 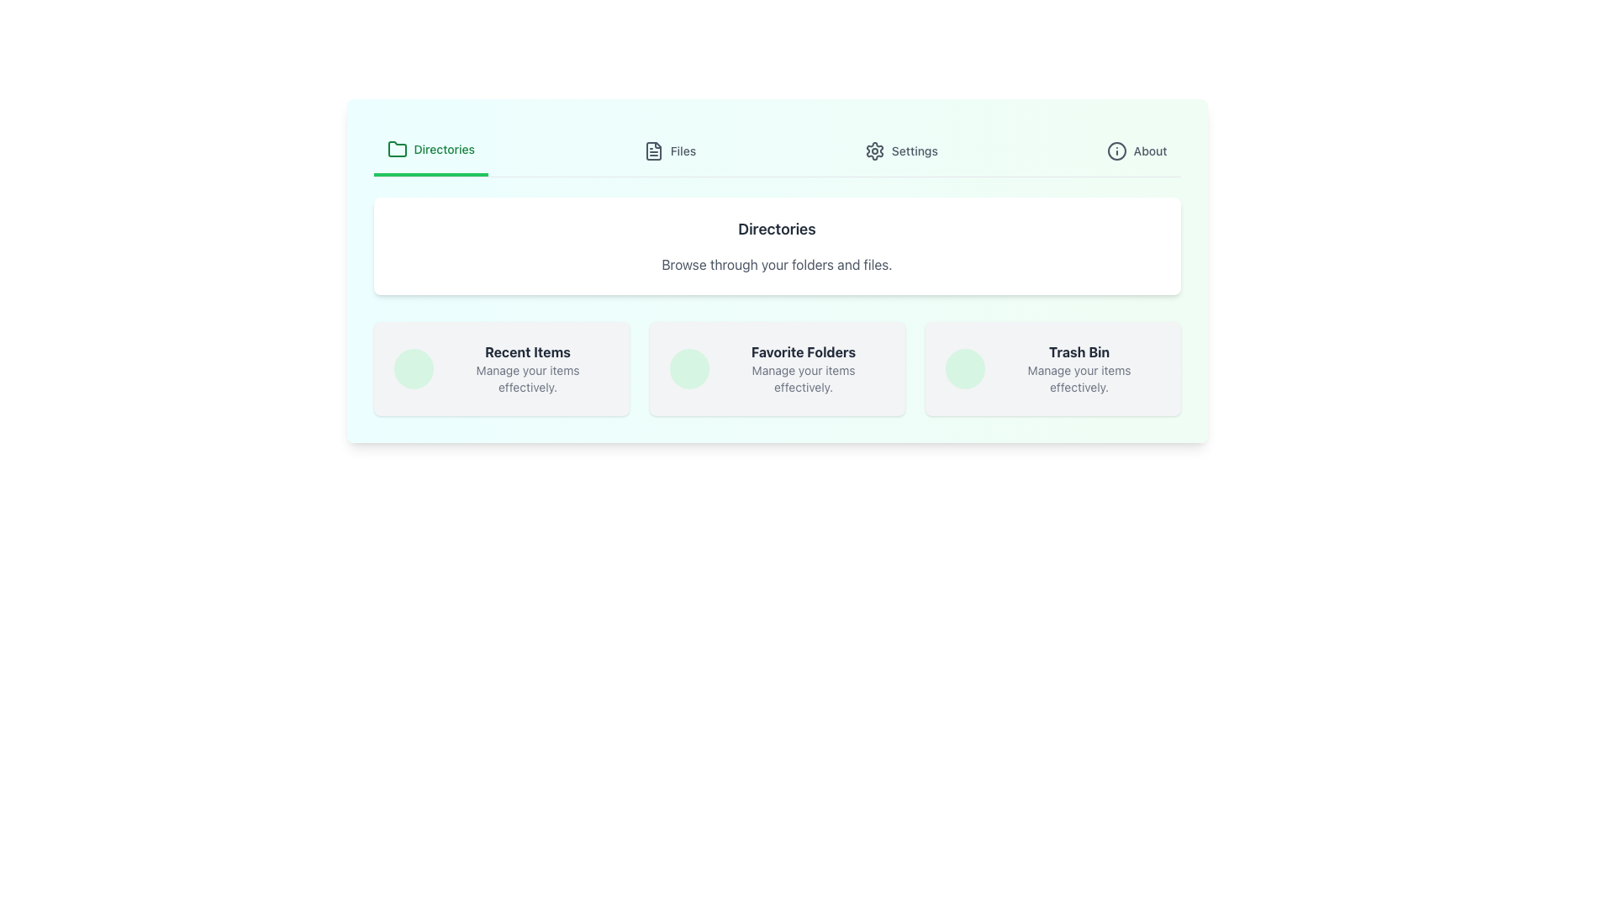 I want to click on the document icon located under the 'Files' label in the top navigation bar, so click(x=652, y=151).